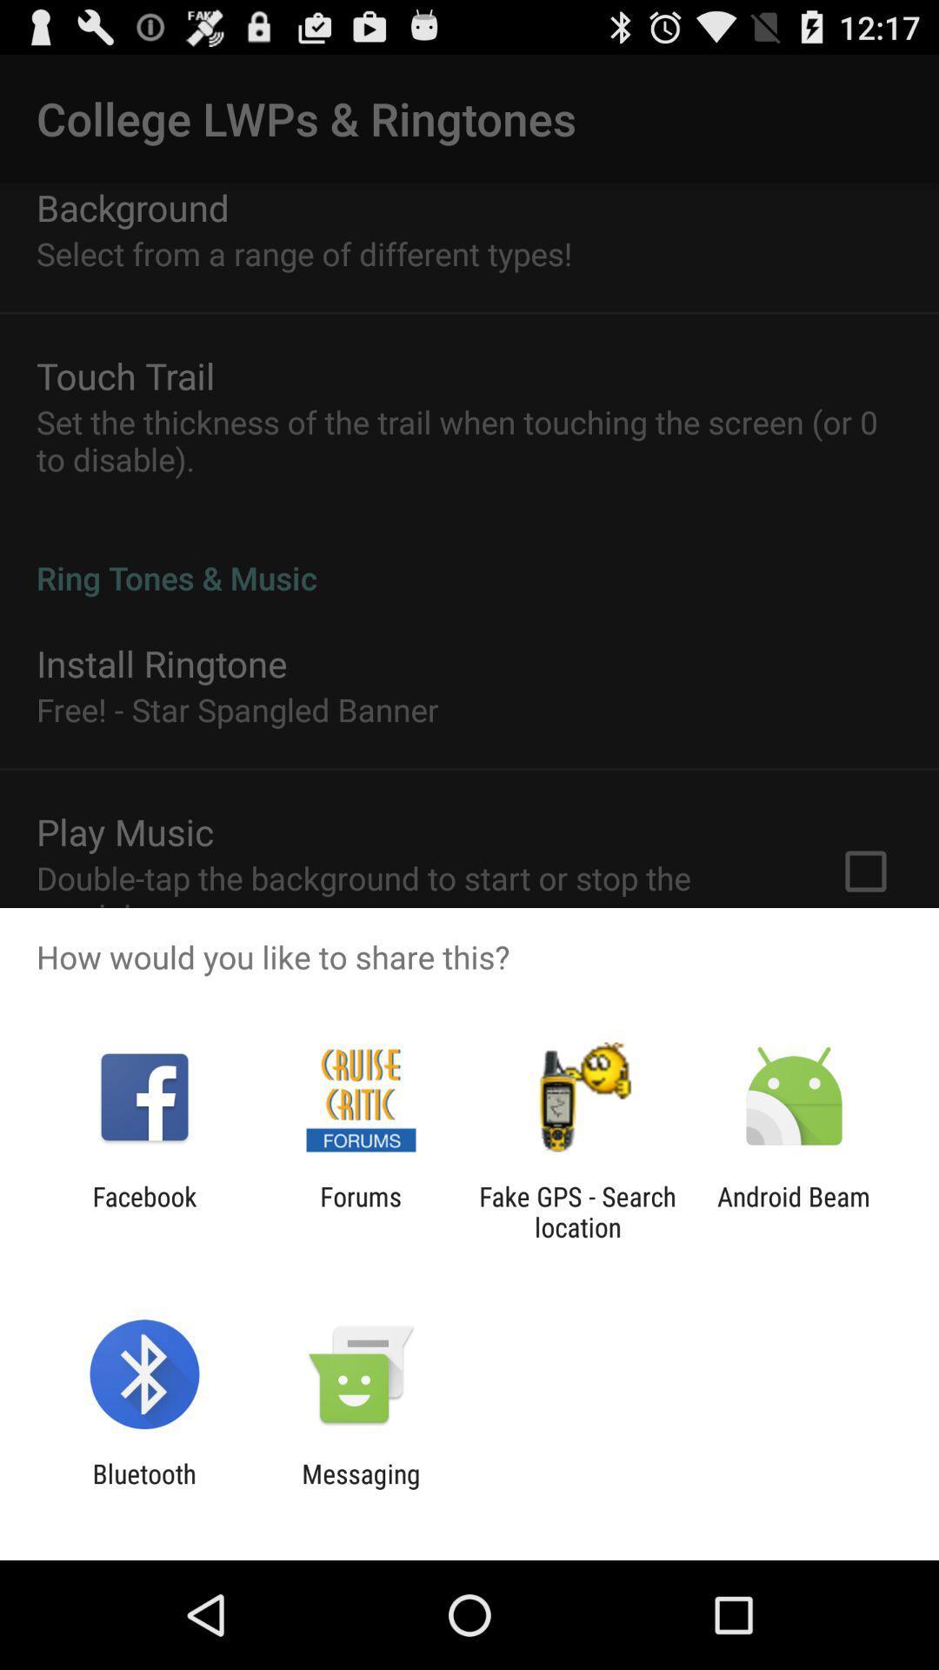  I want to click on the icon next to the fake gps search, so click(794, 1211).